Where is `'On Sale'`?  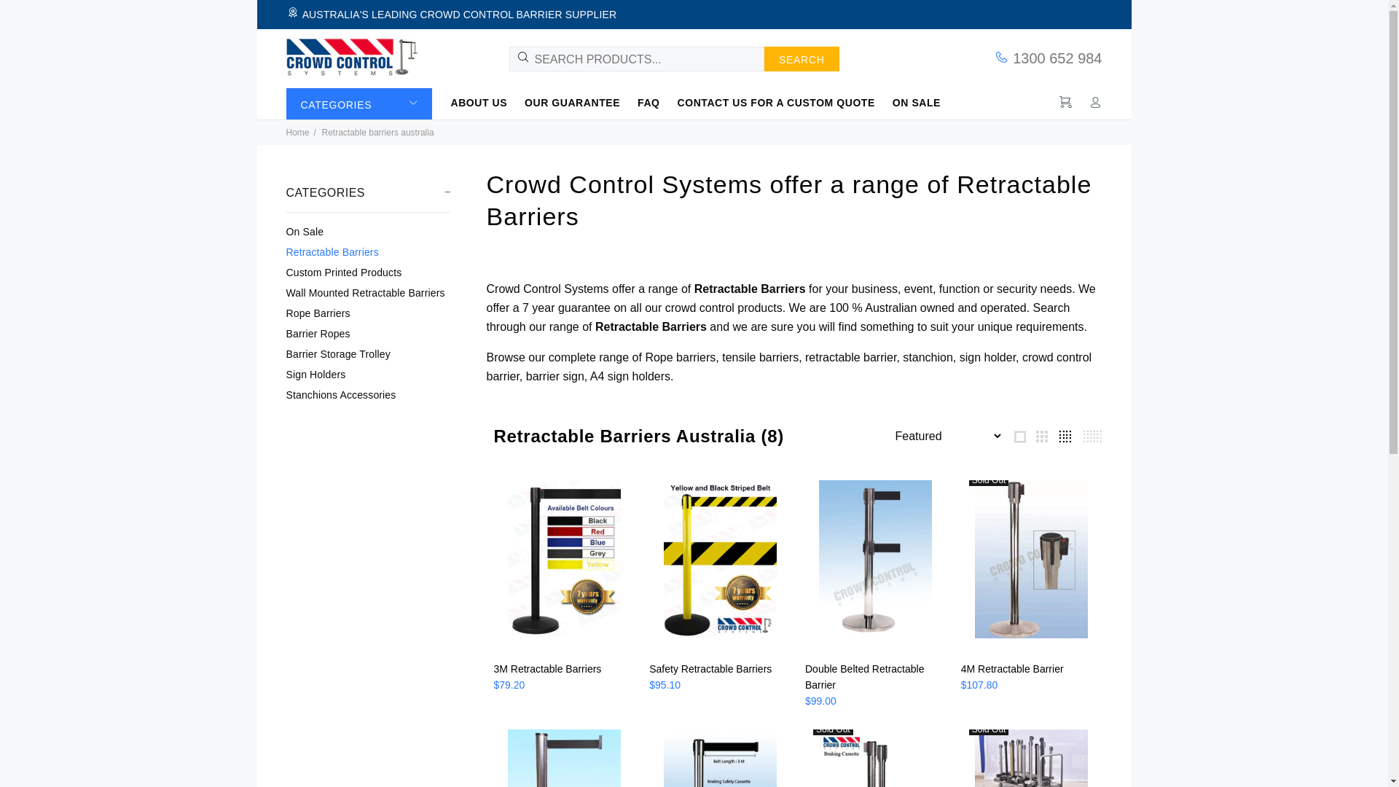 'On Sale' is located at coordinates (367, 230).